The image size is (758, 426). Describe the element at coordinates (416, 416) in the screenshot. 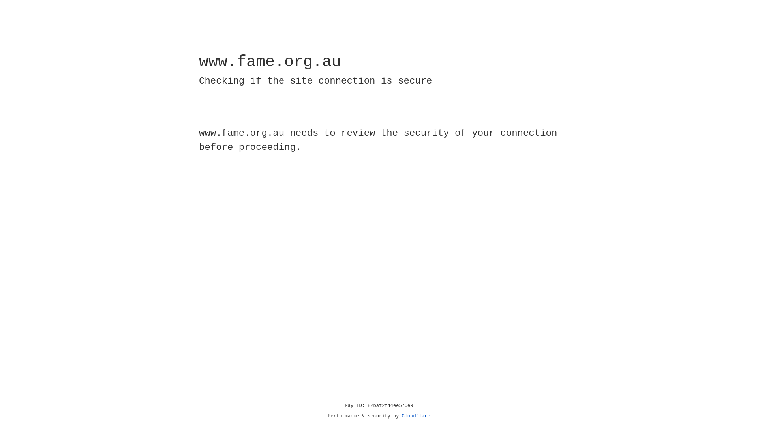

I see `'Cloudflare'` at that location.